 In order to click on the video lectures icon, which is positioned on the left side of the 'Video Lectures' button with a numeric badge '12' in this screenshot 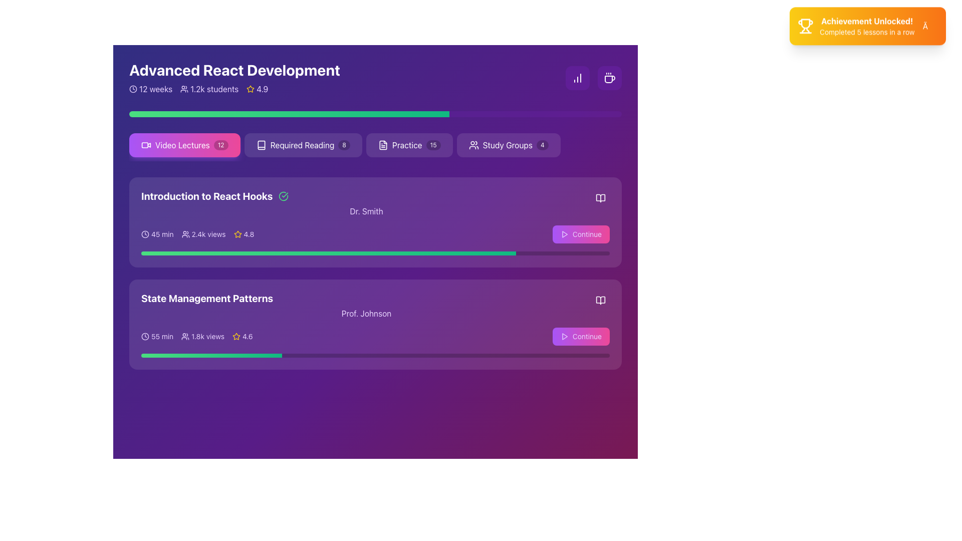, I will do `click(146, 145)`.